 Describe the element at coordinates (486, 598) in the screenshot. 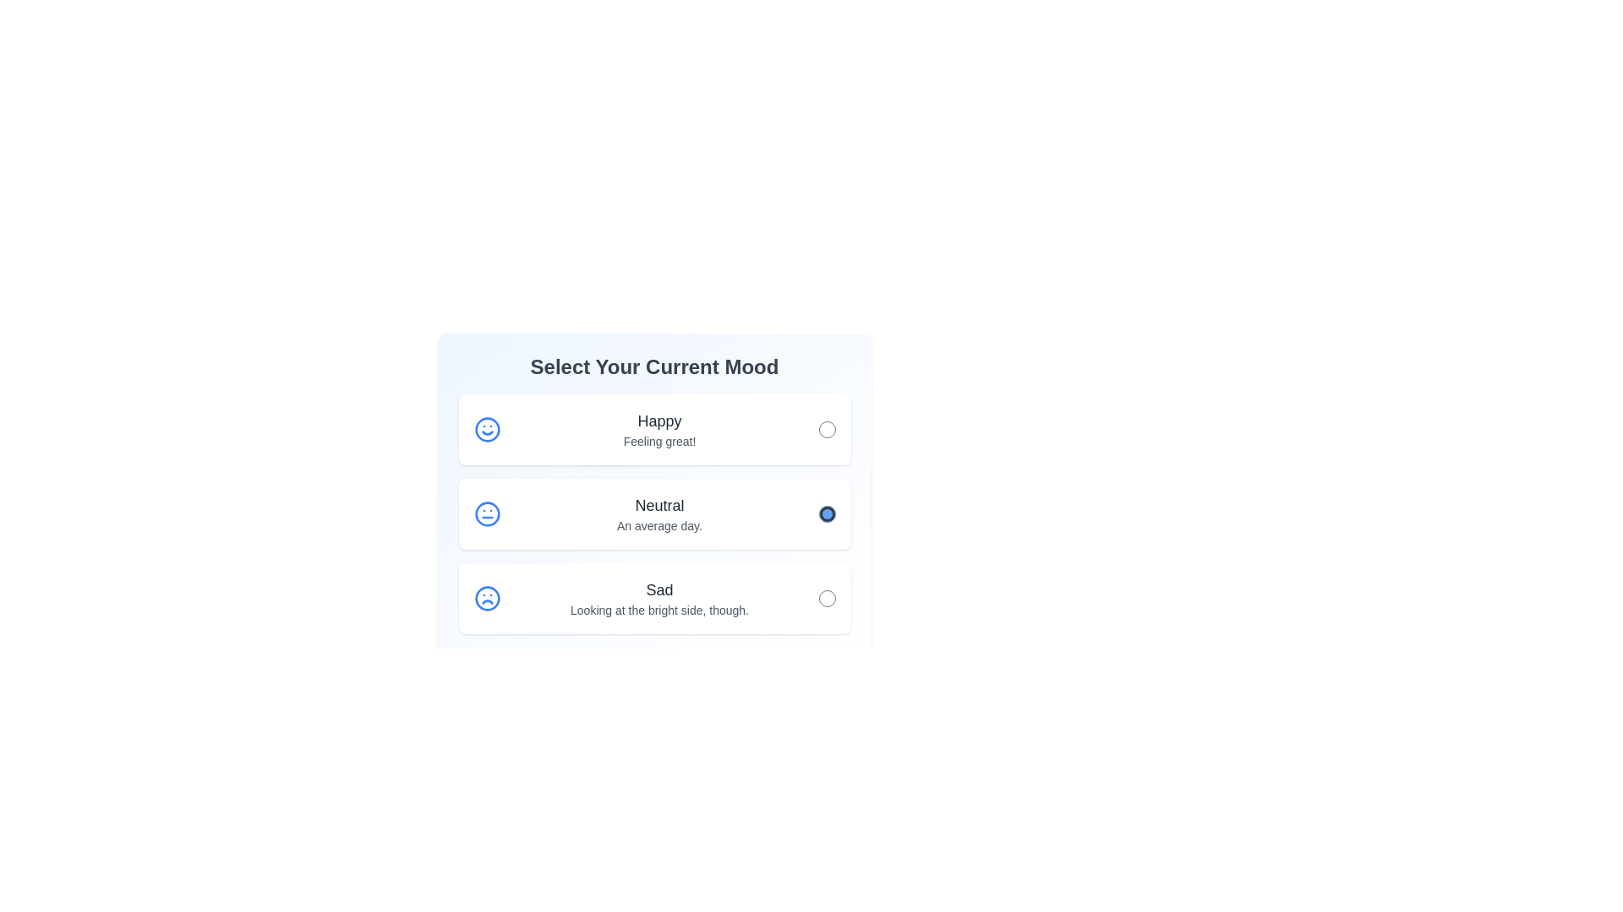

I see `circular icon representing a frowning face with a blue outline and facial features, located in the bottom-most row labeled 'Sad', for details` at that location.